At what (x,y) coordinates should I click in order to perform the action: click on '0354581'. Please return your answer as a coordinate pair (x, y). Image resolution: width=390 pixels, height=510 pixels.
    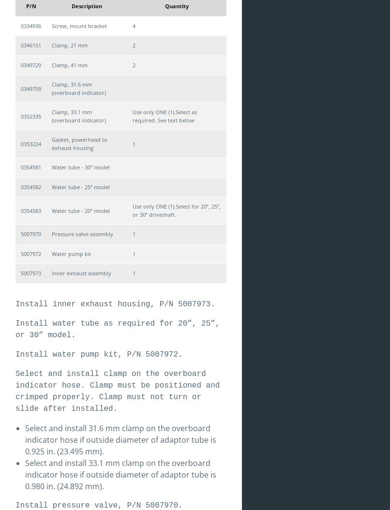
    Looking at the image, I should click on (30, 167).